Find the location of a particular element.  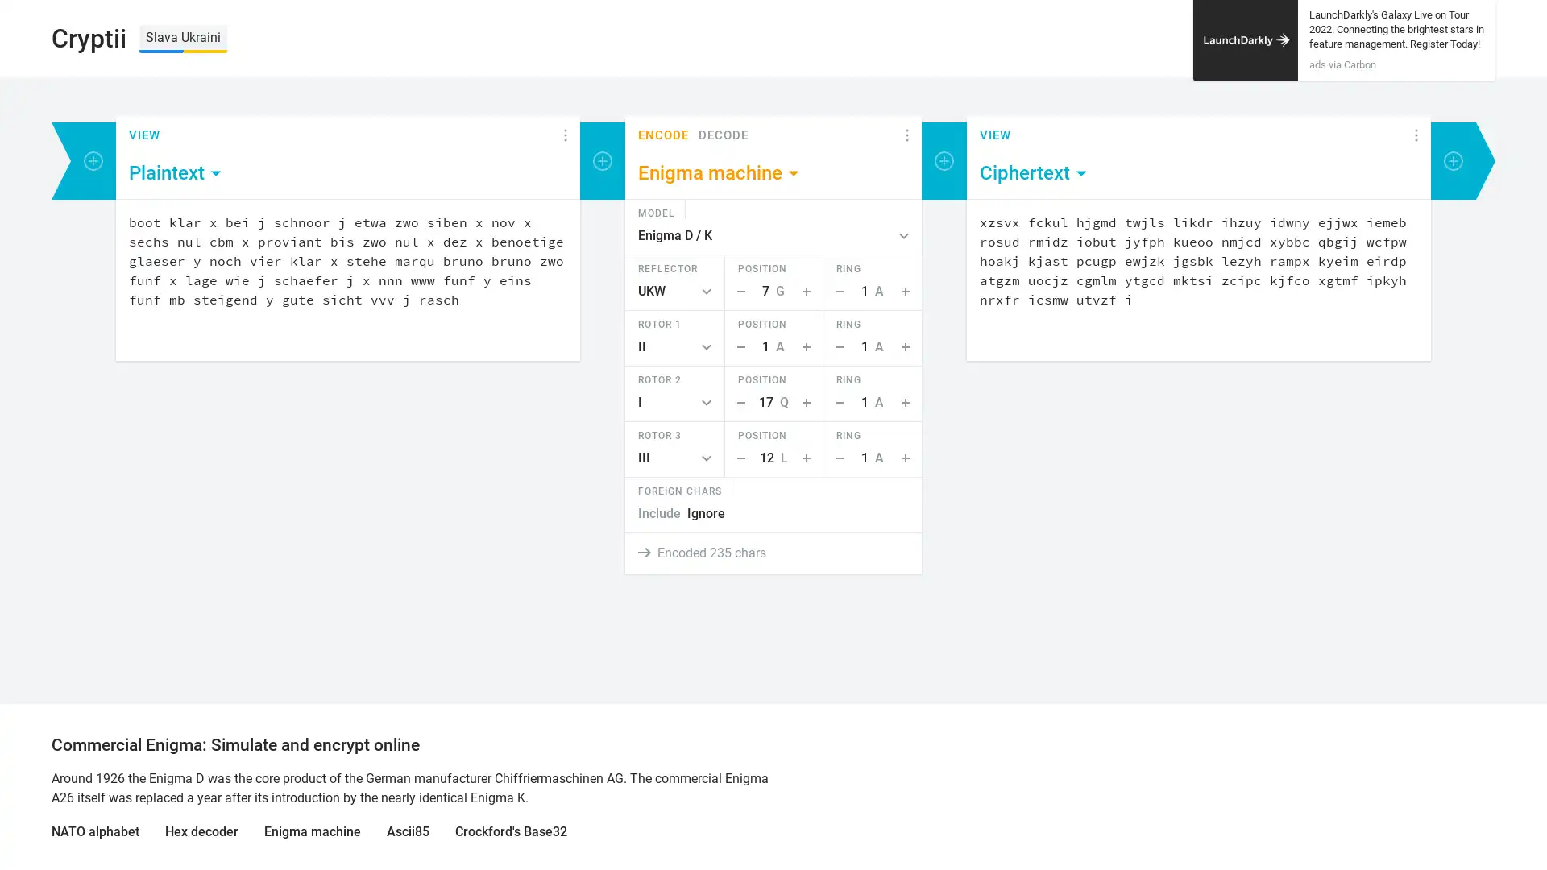

Step Up is located at coordinates (809, 402).